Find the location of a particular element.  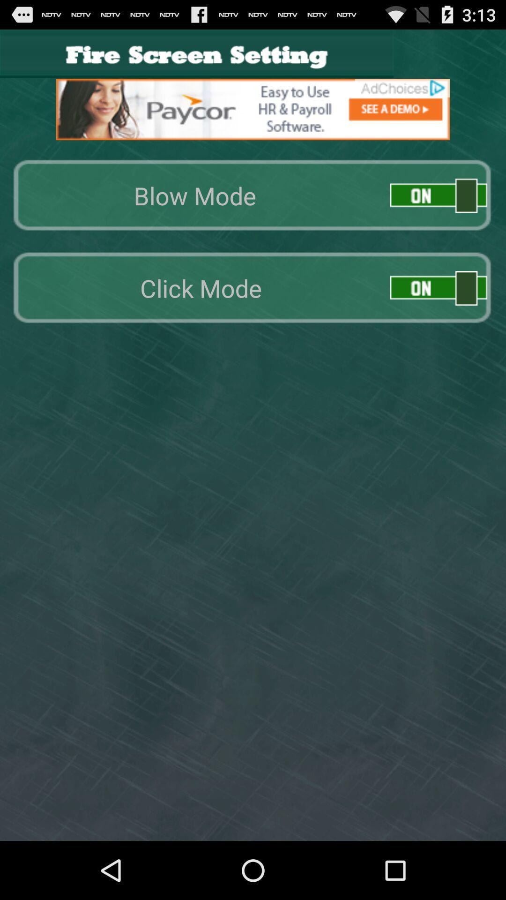

enable blow mode option is located at coordinates (439, 195).